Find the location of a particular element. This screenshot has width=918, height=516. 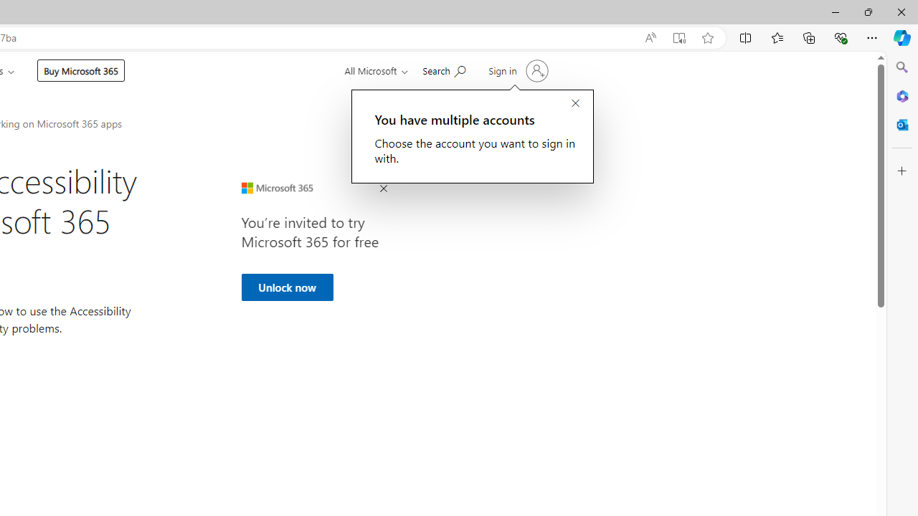

'Add this page to favorites (Ctrl+D)' is located at coordinates (707, 37).